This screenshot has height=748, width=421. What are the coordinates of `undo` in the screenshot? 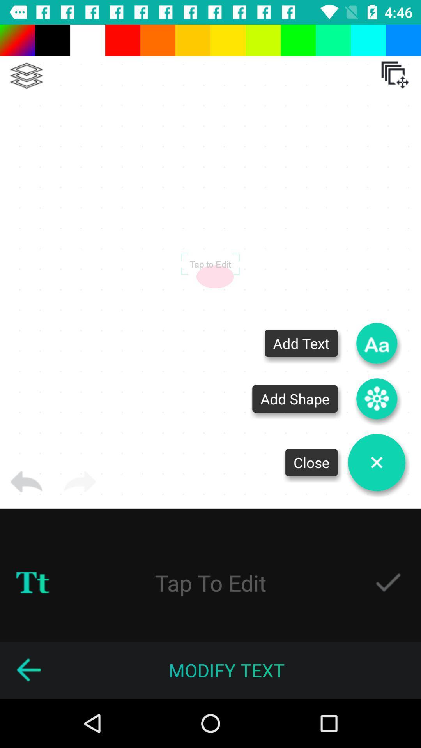 It's located at (26, 482).